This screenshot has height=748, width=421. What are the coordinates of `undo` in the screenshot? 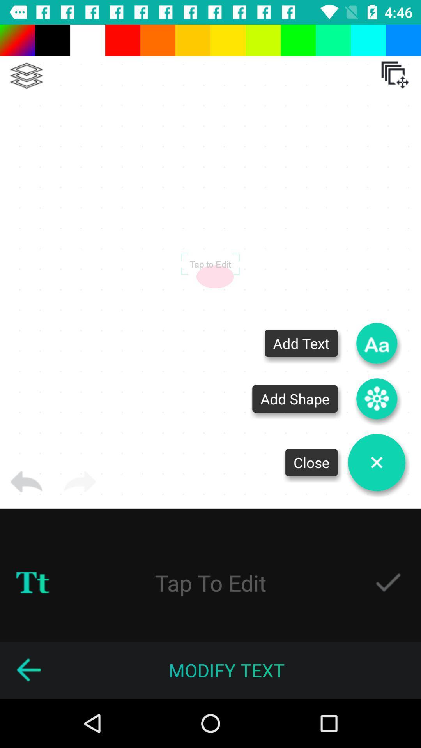 It's located at (26, 482).